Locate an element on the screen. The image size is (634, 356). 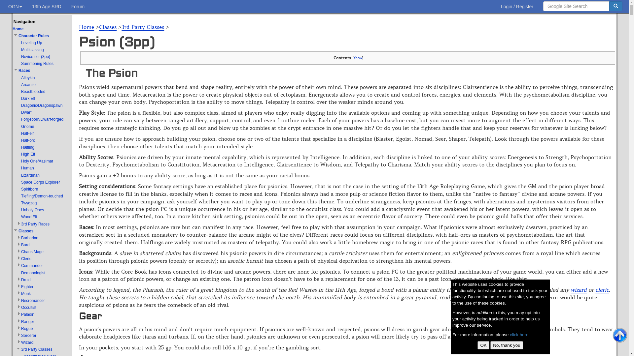
'click here' is located at coordinates (519, 335).